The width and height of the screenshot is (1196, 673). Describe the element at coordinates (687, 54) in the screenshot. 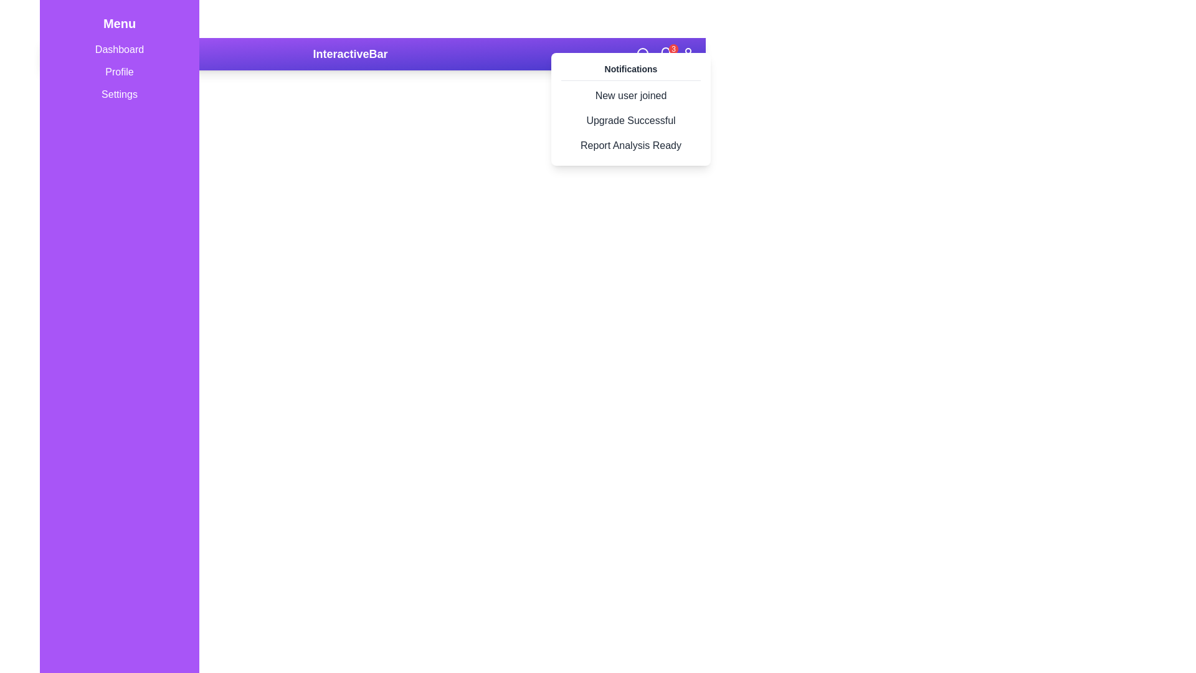

I see `the user outline icon located at the far-right corner of the horizontal navigation bar` at that location.